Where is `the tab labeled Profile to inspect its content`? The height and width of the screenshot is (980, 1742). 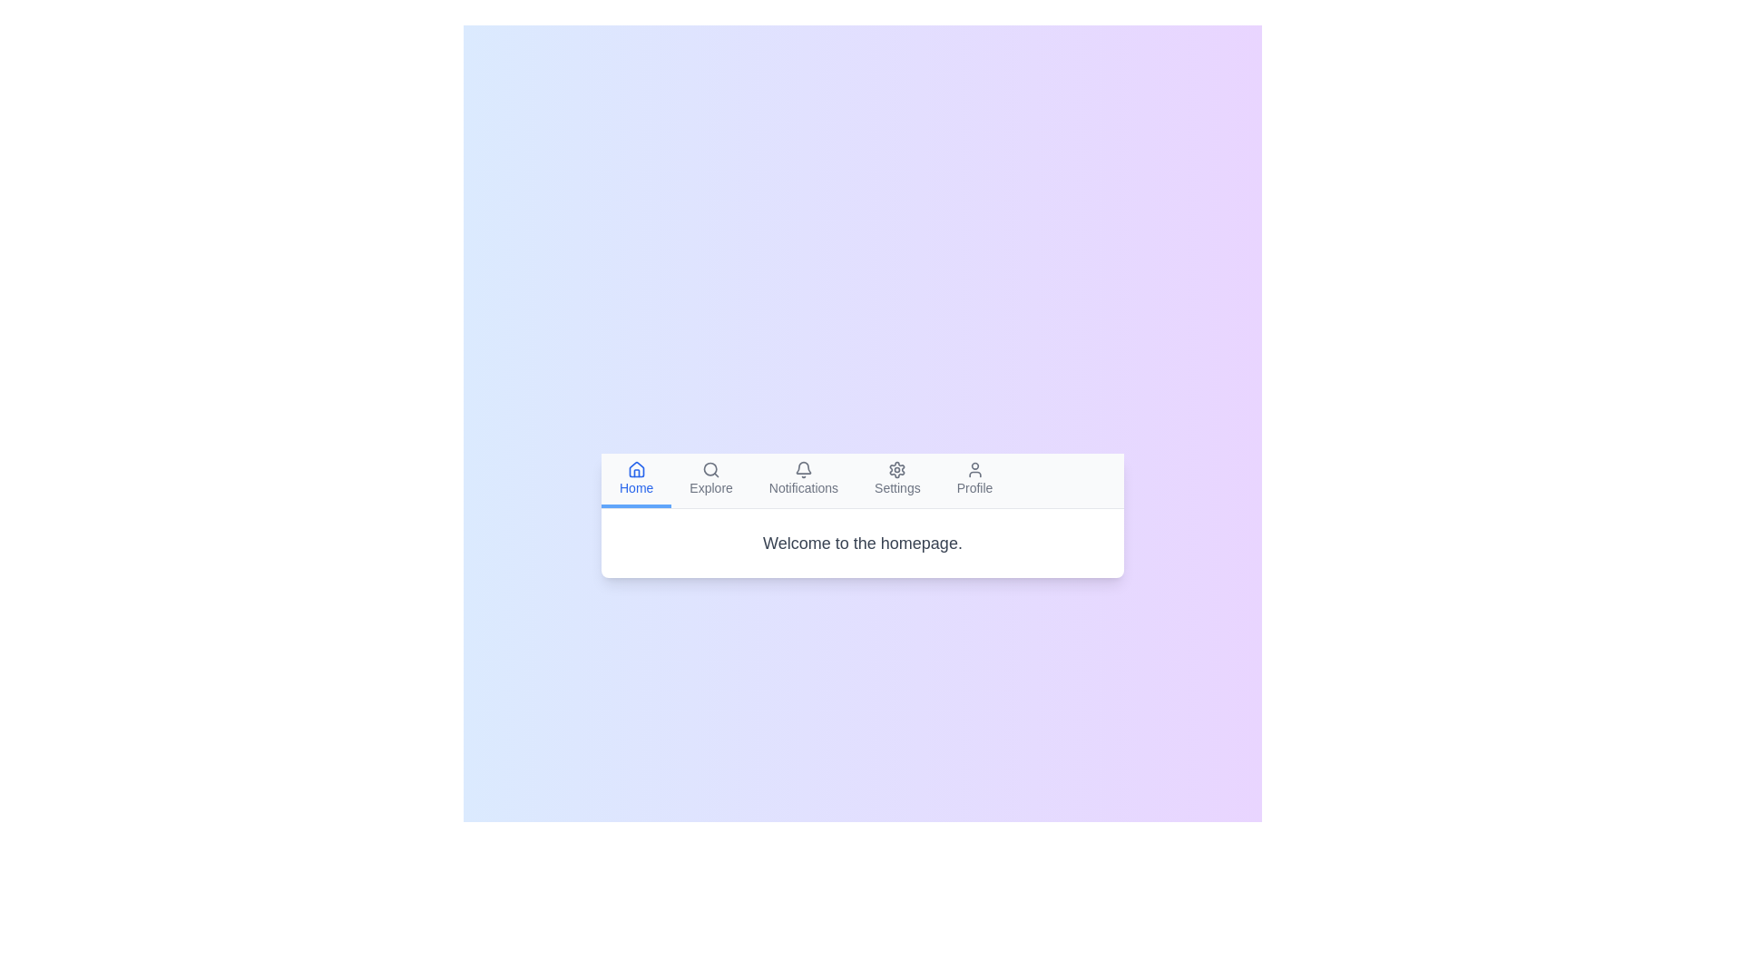
the tab labeled Profile to inspect its content is located at coordinates (974, 478).